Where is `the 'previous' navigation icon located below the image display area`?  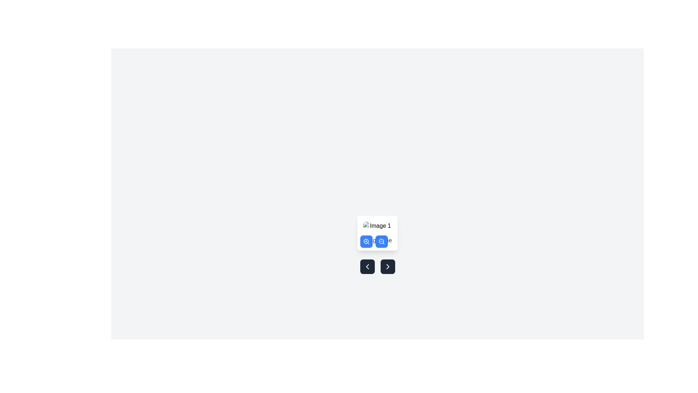
the 'previous' navigation icon located below the image display area is located at coordinates (367, 266).